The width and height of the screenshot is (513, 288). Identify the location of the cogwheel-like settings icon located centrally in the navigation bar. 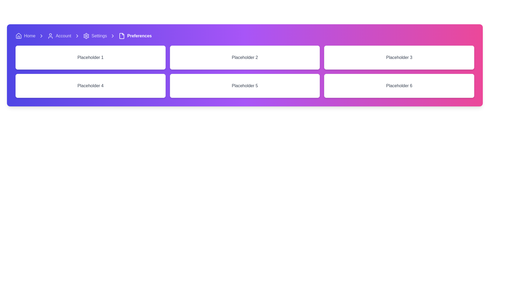
(86, 36).